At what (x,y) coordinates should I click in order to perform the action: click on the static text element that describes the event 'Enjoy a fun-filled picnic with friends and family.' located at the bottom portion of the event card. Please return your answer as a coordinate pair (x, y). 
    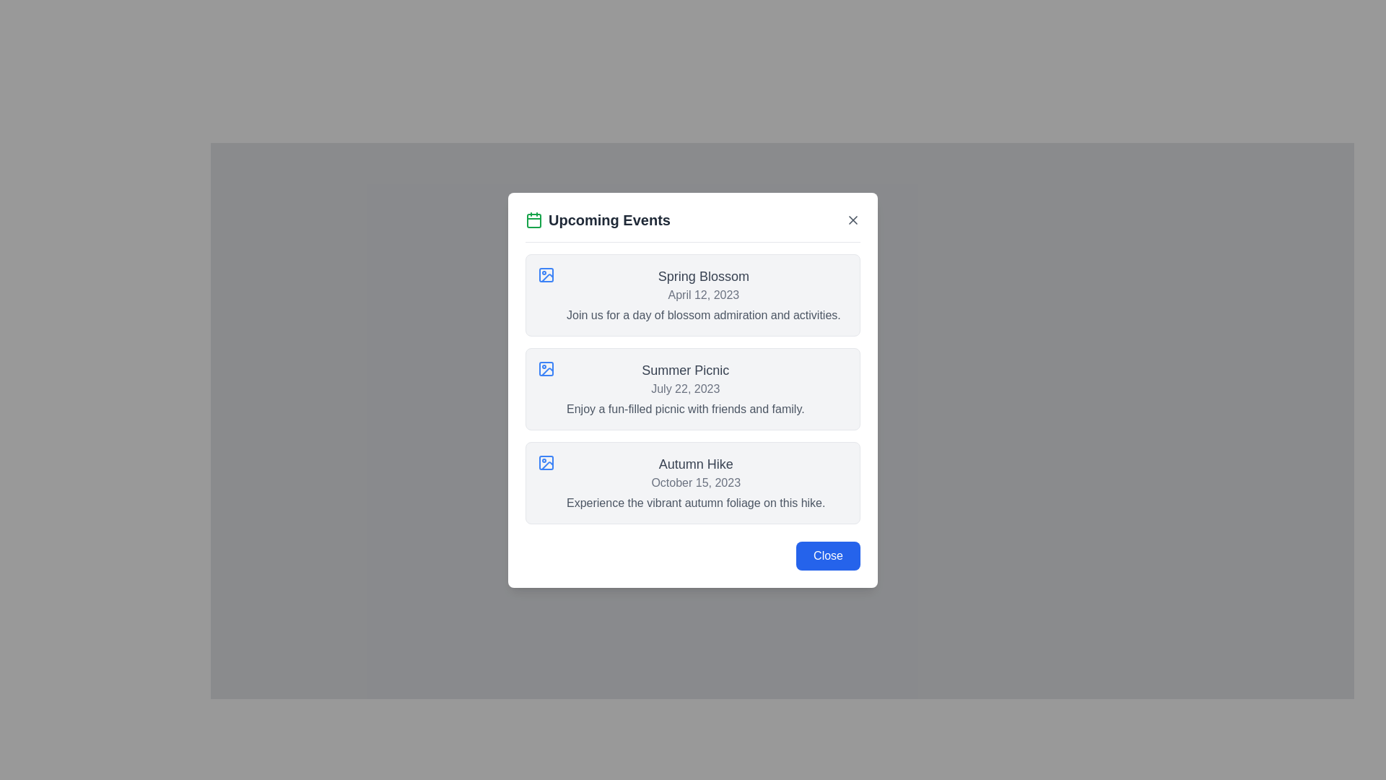
    Looking at the image, I should click on (684, 409).